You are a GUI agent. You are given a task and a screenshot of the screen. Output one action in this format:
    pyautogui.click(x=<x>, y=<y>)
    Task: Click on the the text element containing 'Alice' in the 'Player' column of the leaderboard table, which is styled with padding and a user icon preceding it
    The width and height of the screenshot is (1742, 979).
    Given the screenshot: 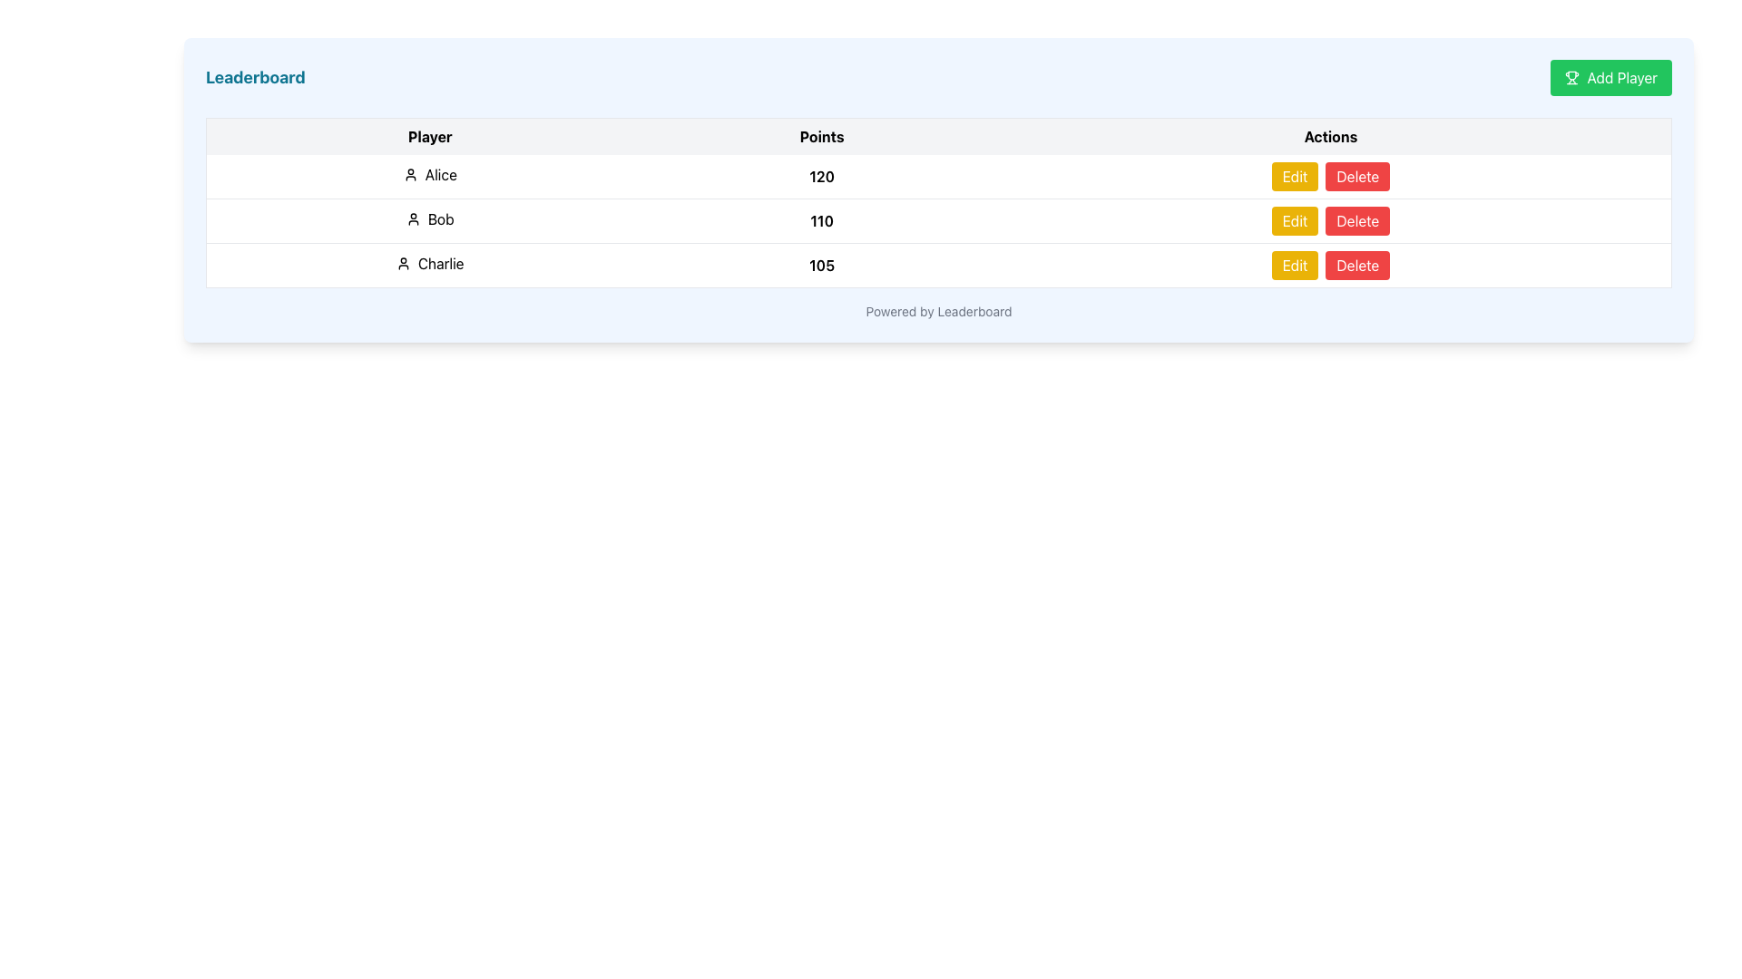 What is the action you would take?
    pyautogui.click(x=429, y=174)
    